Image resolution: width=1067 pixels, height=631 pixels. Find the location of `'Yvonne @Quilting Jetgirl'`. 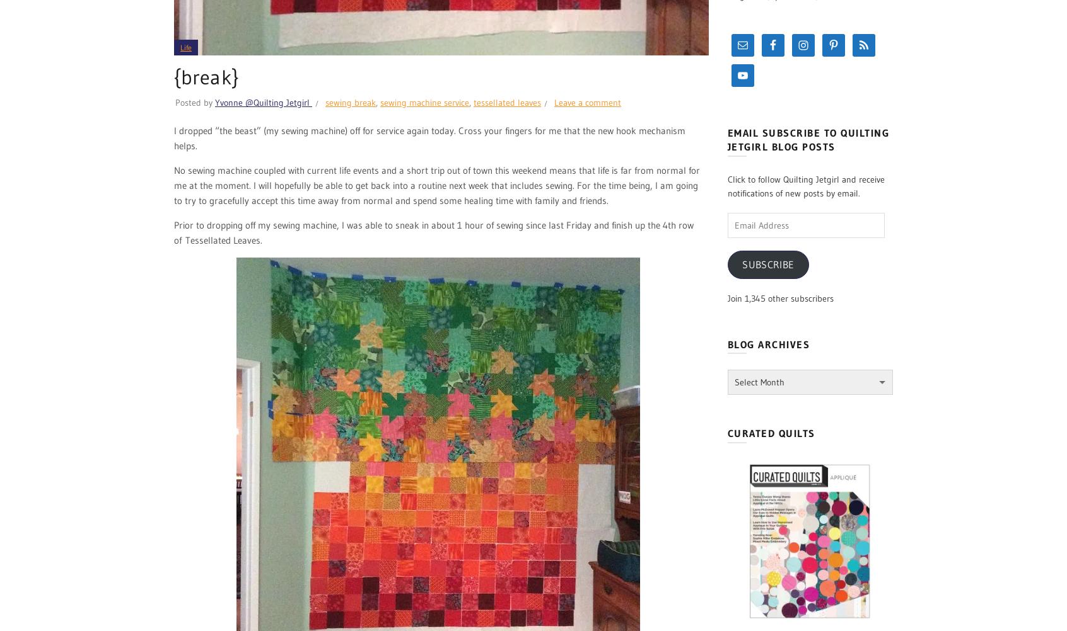

'Yvonne @Quilting Jetgirl' is located at coordinates (262, 102).